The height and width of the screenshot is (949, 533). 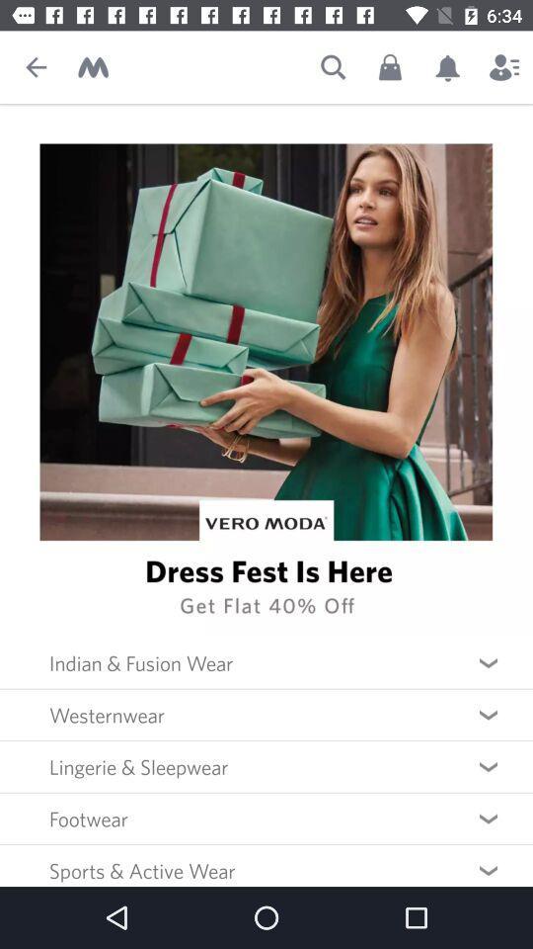 What do you see at coordinates (92, 67) in the screenshot?
I see `moda homepage` at bounding box center [92, 67].